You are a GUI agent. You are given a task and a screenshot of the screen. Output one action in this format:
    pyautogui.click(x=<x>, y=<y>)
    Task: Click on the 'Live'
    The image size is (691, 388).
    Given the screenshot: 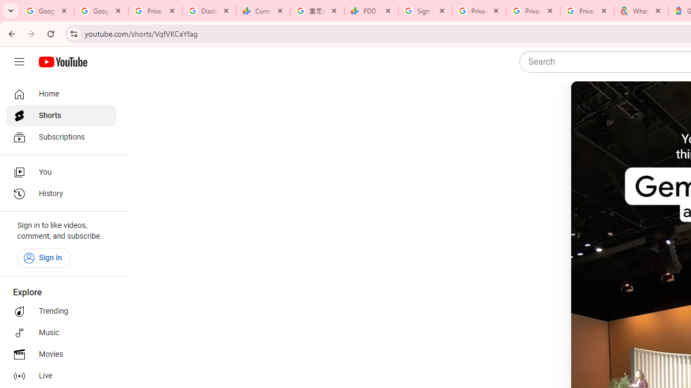 What is the action you would take?
    pyautogui.click(x=60, y=376)
    